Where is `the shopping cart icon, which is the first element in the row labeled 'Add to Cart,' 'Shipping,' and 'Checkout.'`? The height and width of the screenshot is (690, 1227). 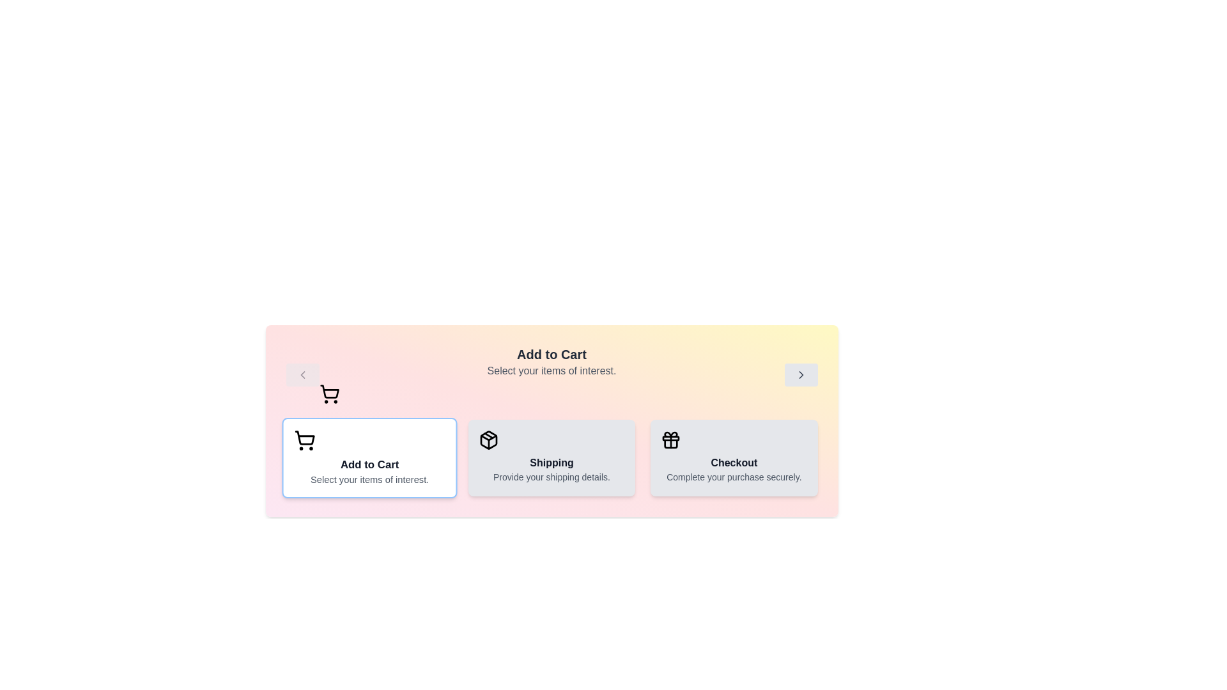
the shopping cart icon, which is the first element in the row labeled 'Add to Cart,' 'Shipping,' and 'Checkout.' is located at coordinates (304, 440).